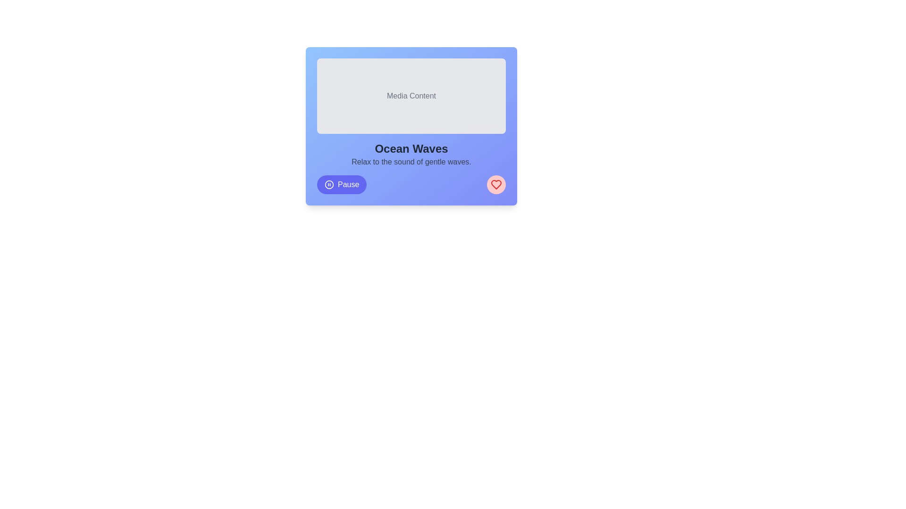 This screenshot has width=906, height=509. Describe the element at coordinates (411, 161) in the screenshot. I see `the static informational text located below the 'Ocean Waves' title in the card, which provides additional context to the title and is positioned above interactive components` at that location.